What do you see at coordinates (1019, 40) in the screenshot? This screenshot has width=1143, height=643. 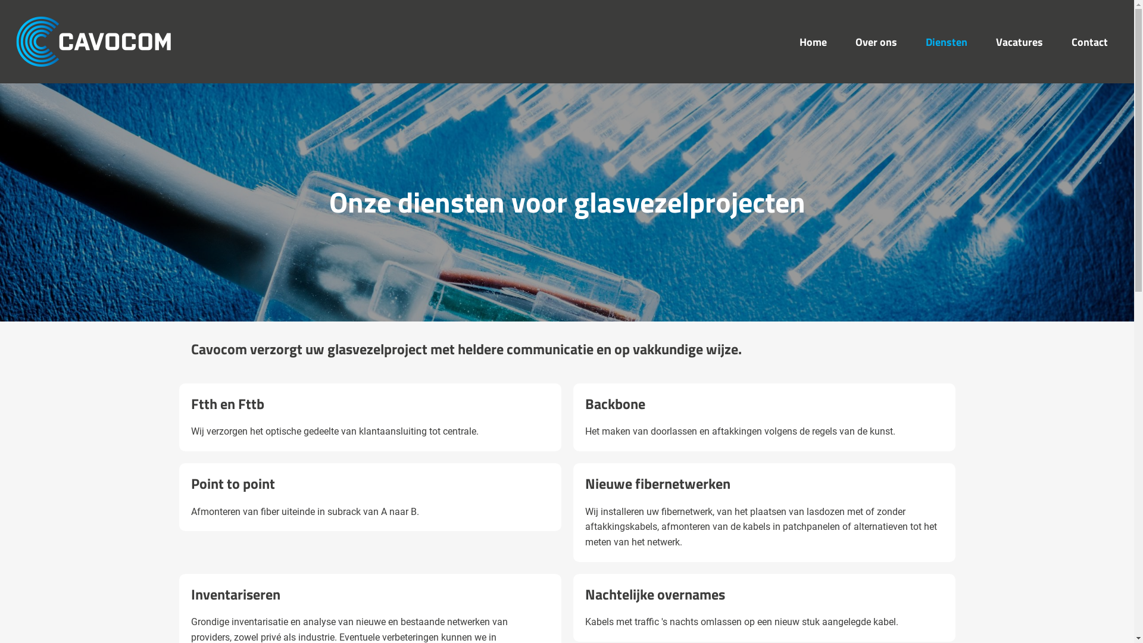 I see `'Vacatures'` at bounding box center [1019, 40].